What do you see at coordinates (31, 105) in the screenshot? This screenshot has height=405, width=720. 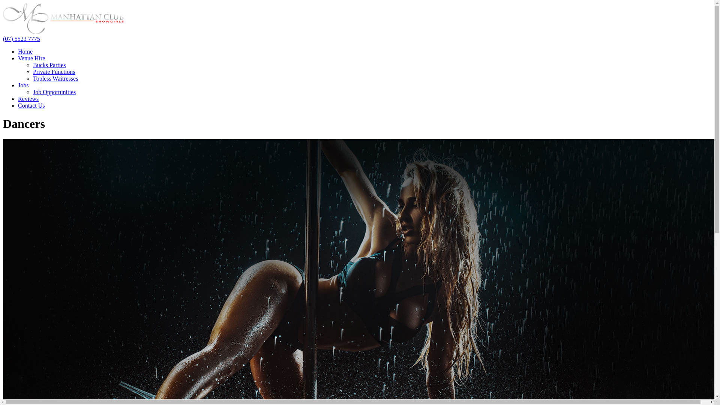 I see `'Contact Us'` at bounding box center [31, 105].